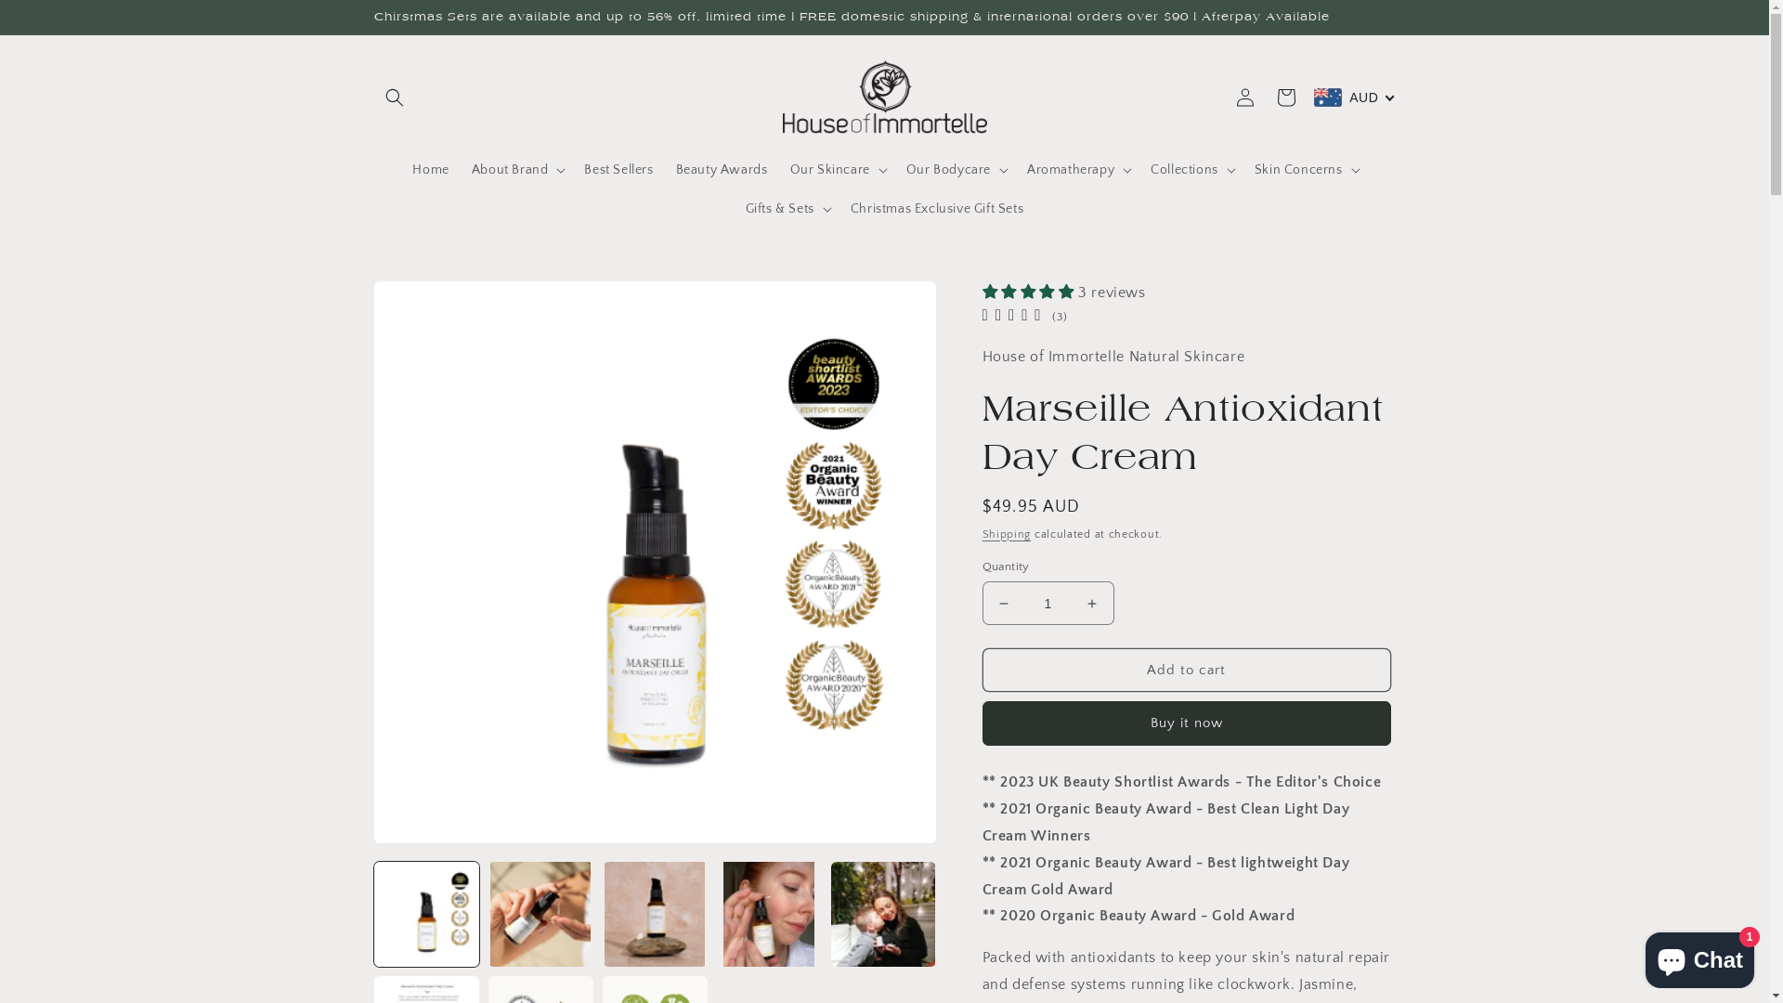 The height and width of the screenshot is (1003, 1783). Describe the element at coordinates (1185, 723) in the screenshot. I see `'Buy it now'` at that location.